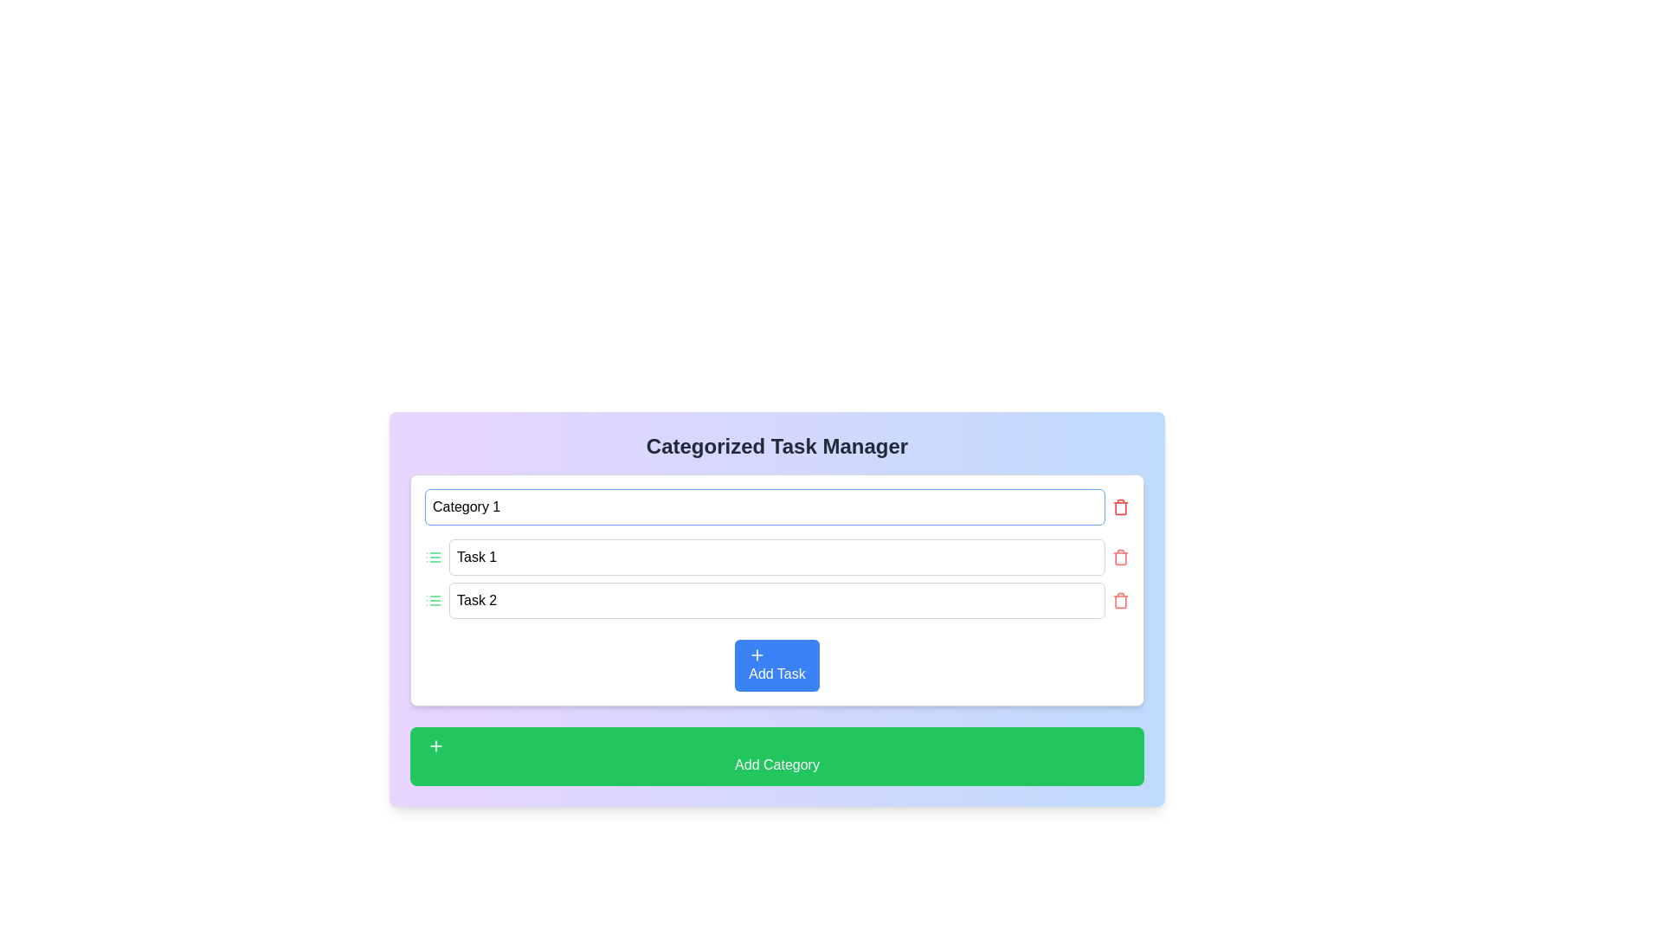  I want to click on the second trash icon button located to the right of the 'Task 1' text input field, so click(1121, 558).